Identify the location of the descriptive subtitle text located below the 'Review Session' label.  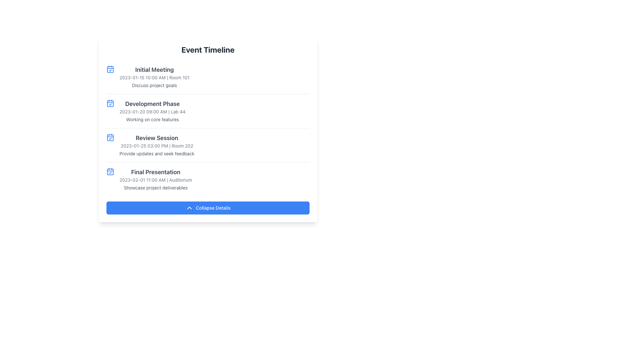
(157, 154).